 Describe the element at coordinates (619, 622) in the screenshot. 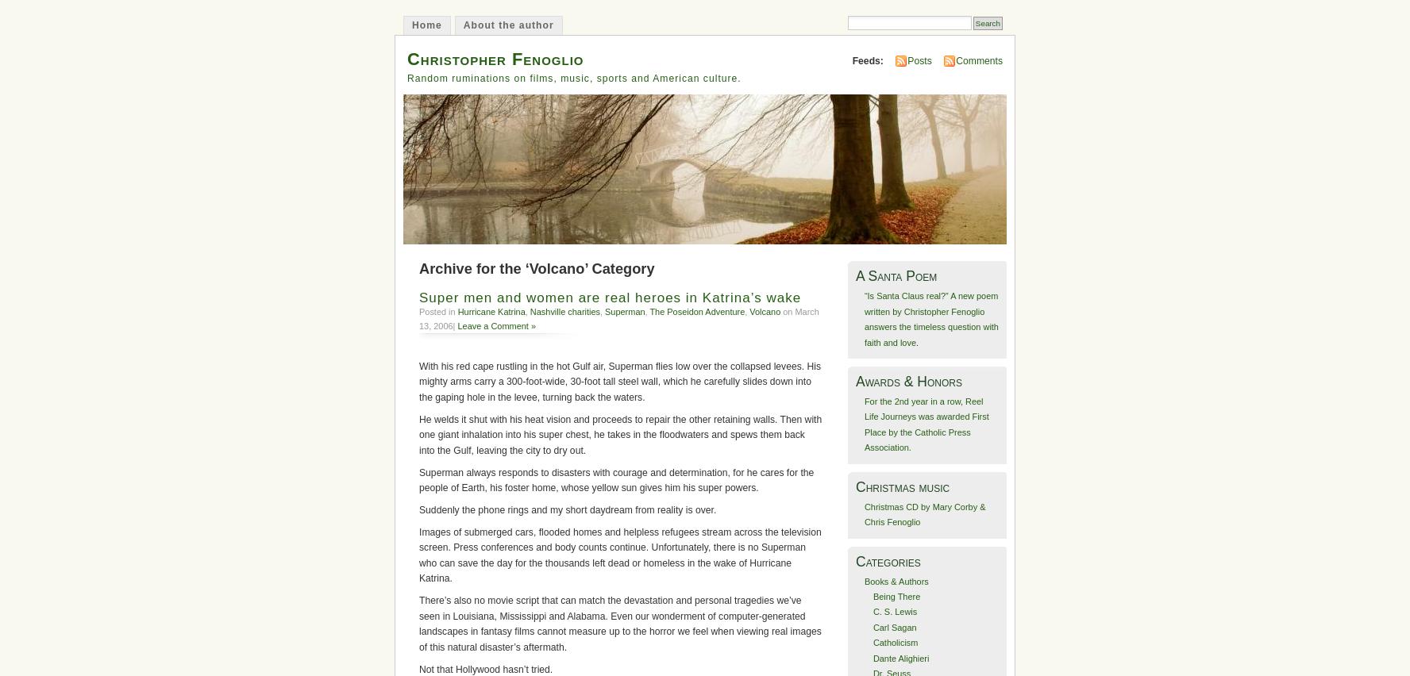

I see `'There’s also no movie script that can match the devastation and personal tragedies we’ve seen in Louisiana, Mississippi and Alabama. Even our wonderment of computer-generated landscapes in fantasy films cannot measure up to the horror we feel when viewing real images of this natural disaster’s aftermath.'` at that location.